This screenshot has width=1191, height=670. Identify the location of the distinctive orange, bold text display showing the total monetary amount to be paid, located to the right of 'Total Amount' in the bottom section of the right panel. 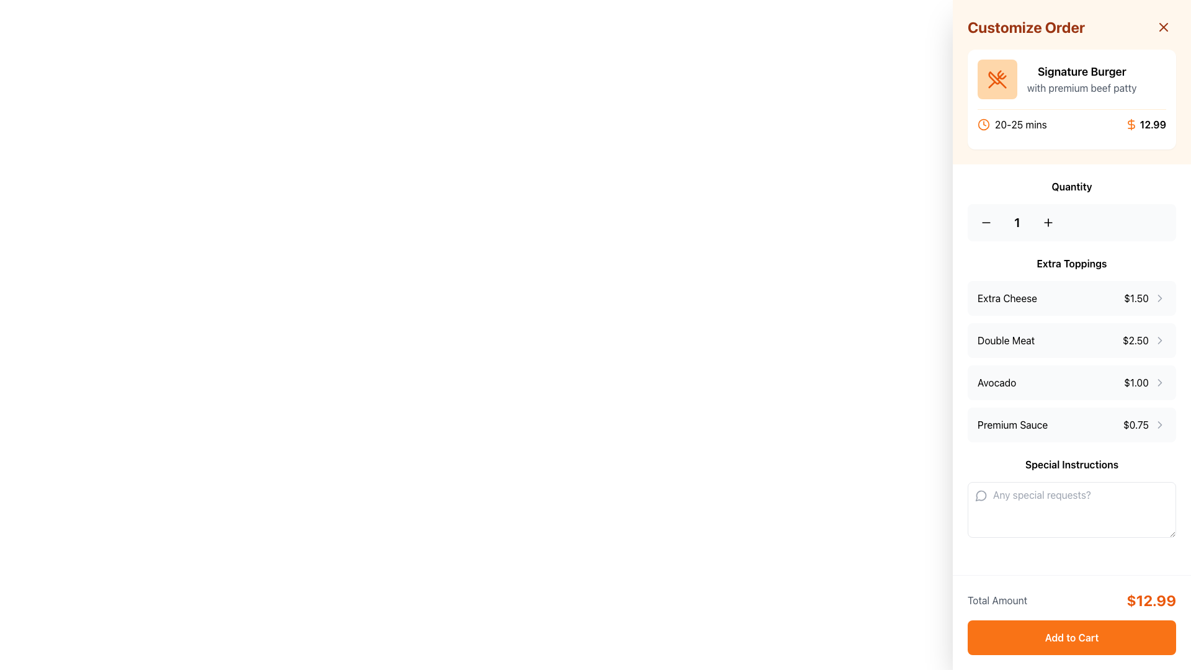
(1151, 600).